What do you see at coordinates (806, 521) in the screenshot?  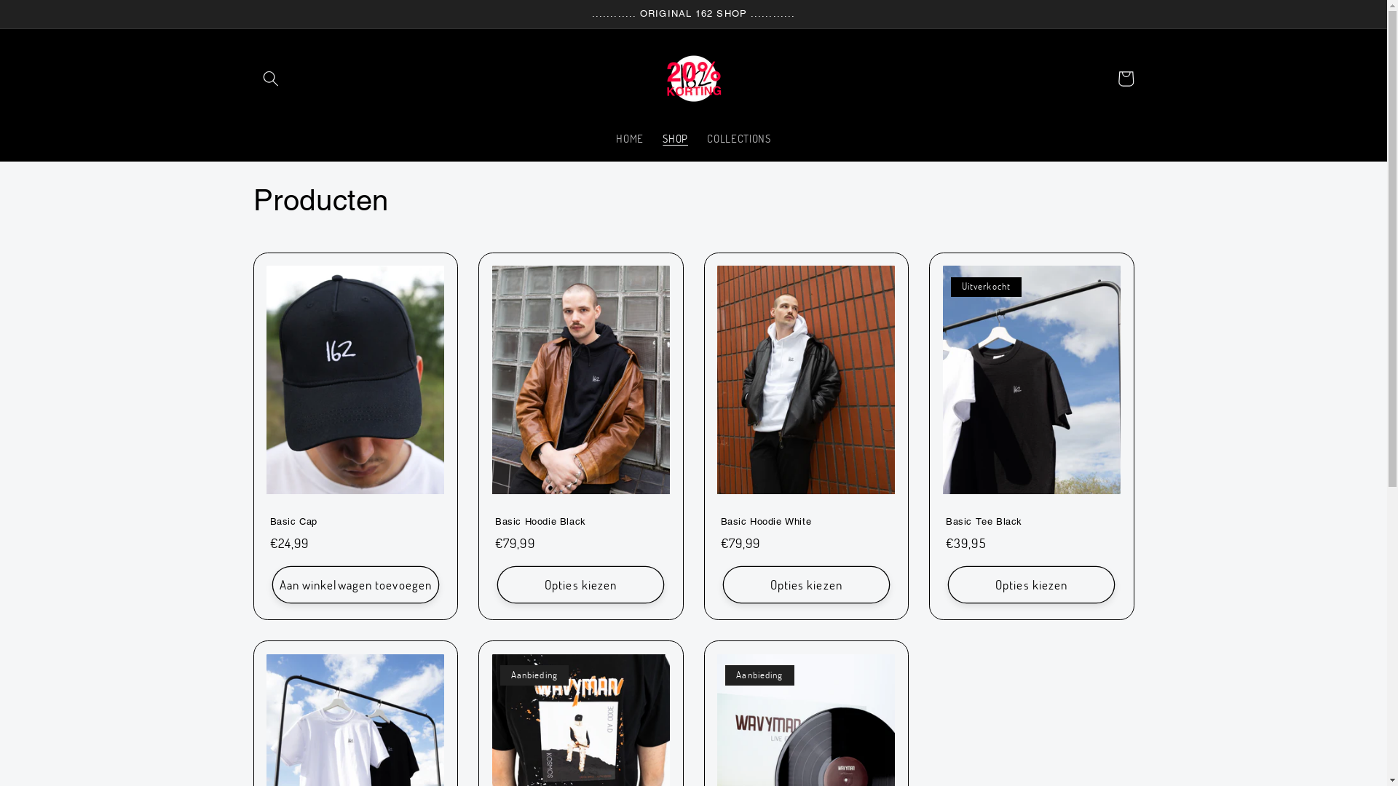 I see `'Basic Hoodie White'` at bounding box center [806, 521].